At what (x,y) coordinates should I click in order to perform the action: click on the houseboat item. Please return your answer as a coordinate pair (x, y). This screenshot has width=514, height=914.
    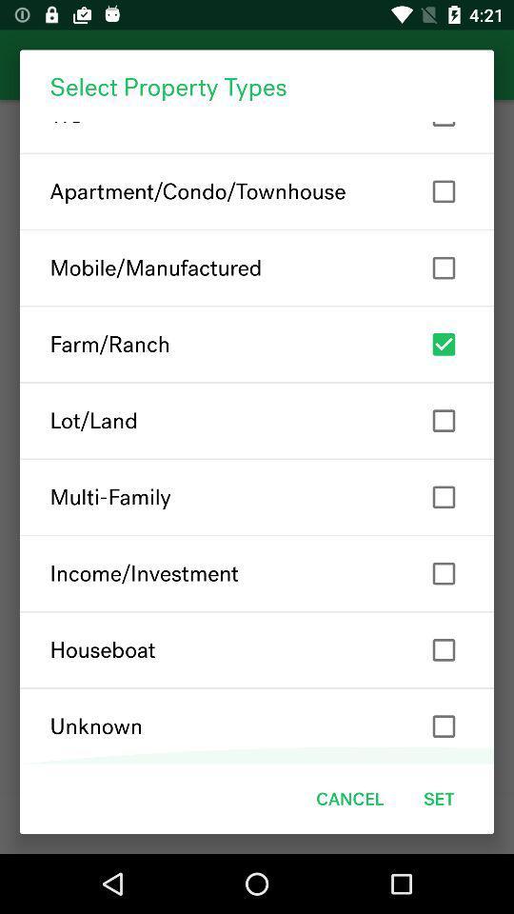
    Looking at the image, I should click on (257, 649).